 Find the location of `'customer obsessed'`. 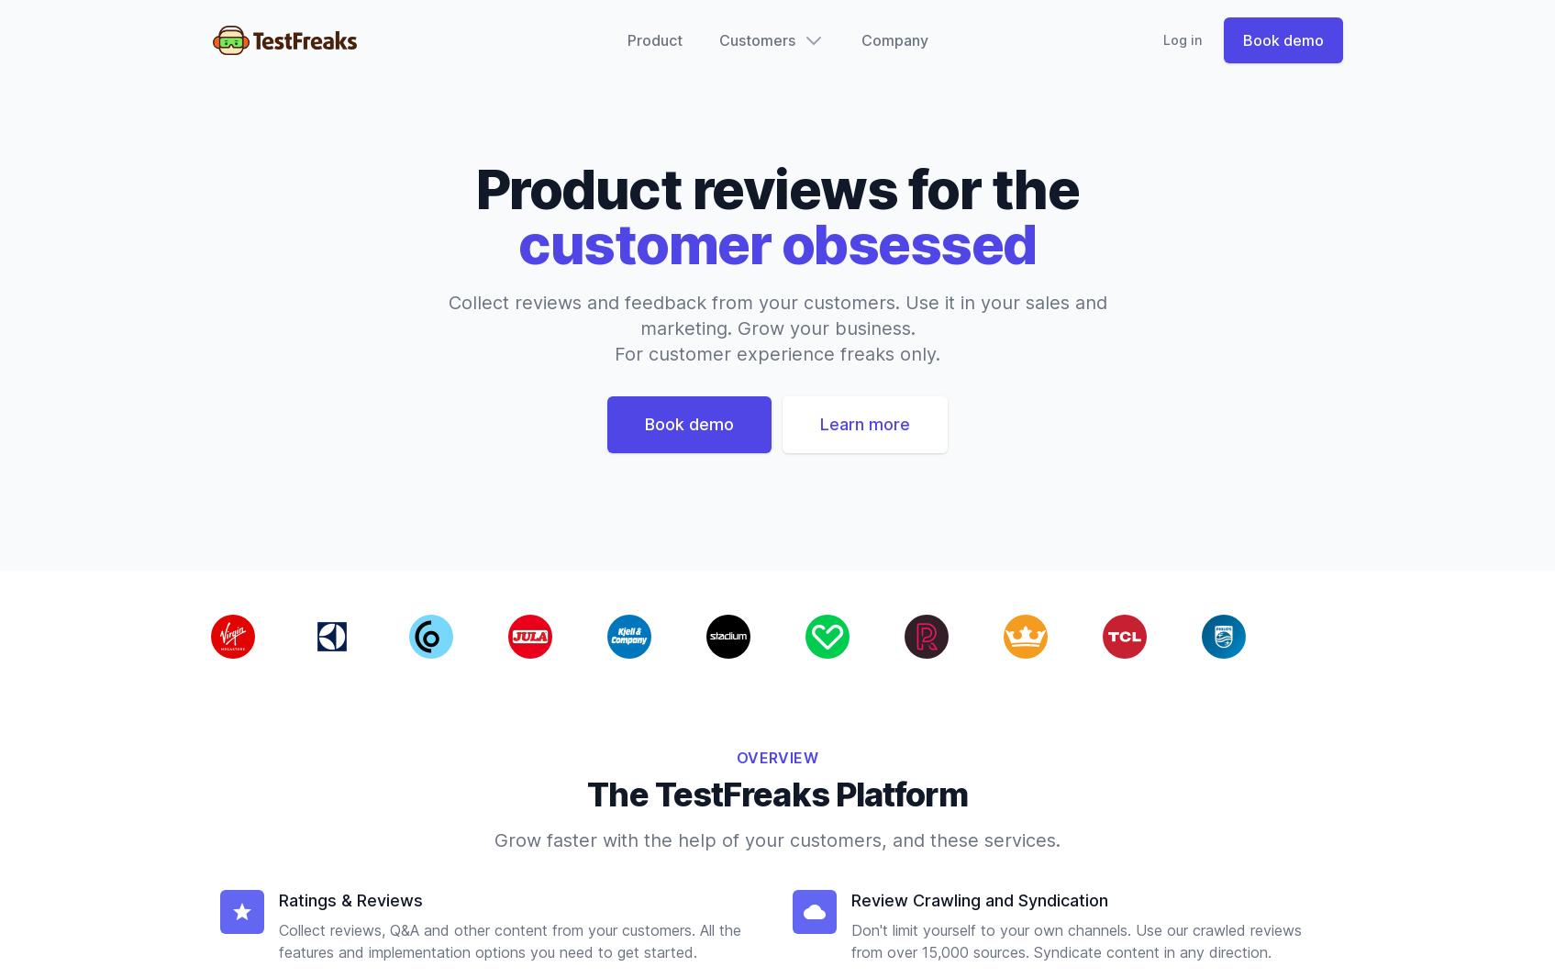

'customer obsessed' is located at coordinates (776, 242).